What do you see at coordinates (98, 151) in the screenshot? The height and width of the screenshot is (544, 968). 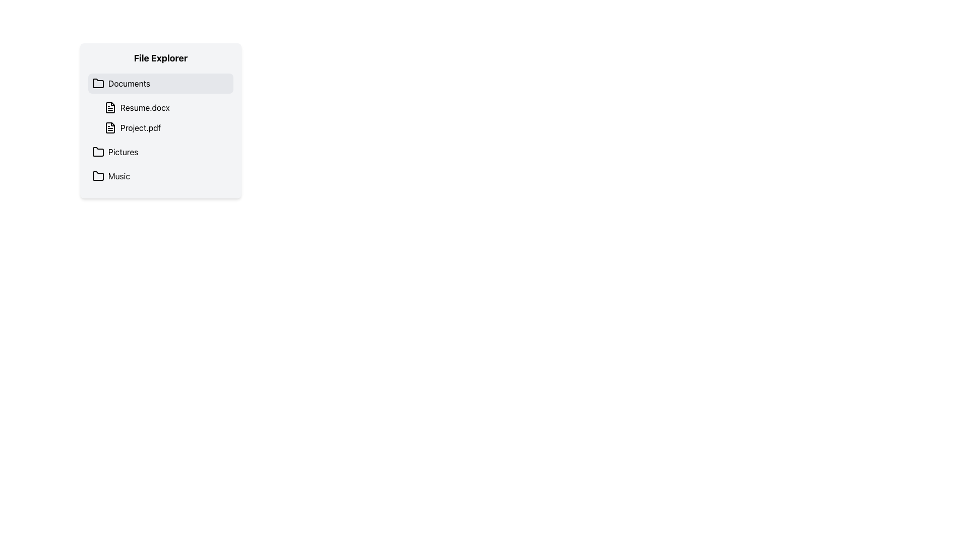 I see `the Folder Icon representing the 'Pictures' folder, which is located to the left of the 'Pictures' label in the File Explorer vertical list` at bounding box center [98, 151].